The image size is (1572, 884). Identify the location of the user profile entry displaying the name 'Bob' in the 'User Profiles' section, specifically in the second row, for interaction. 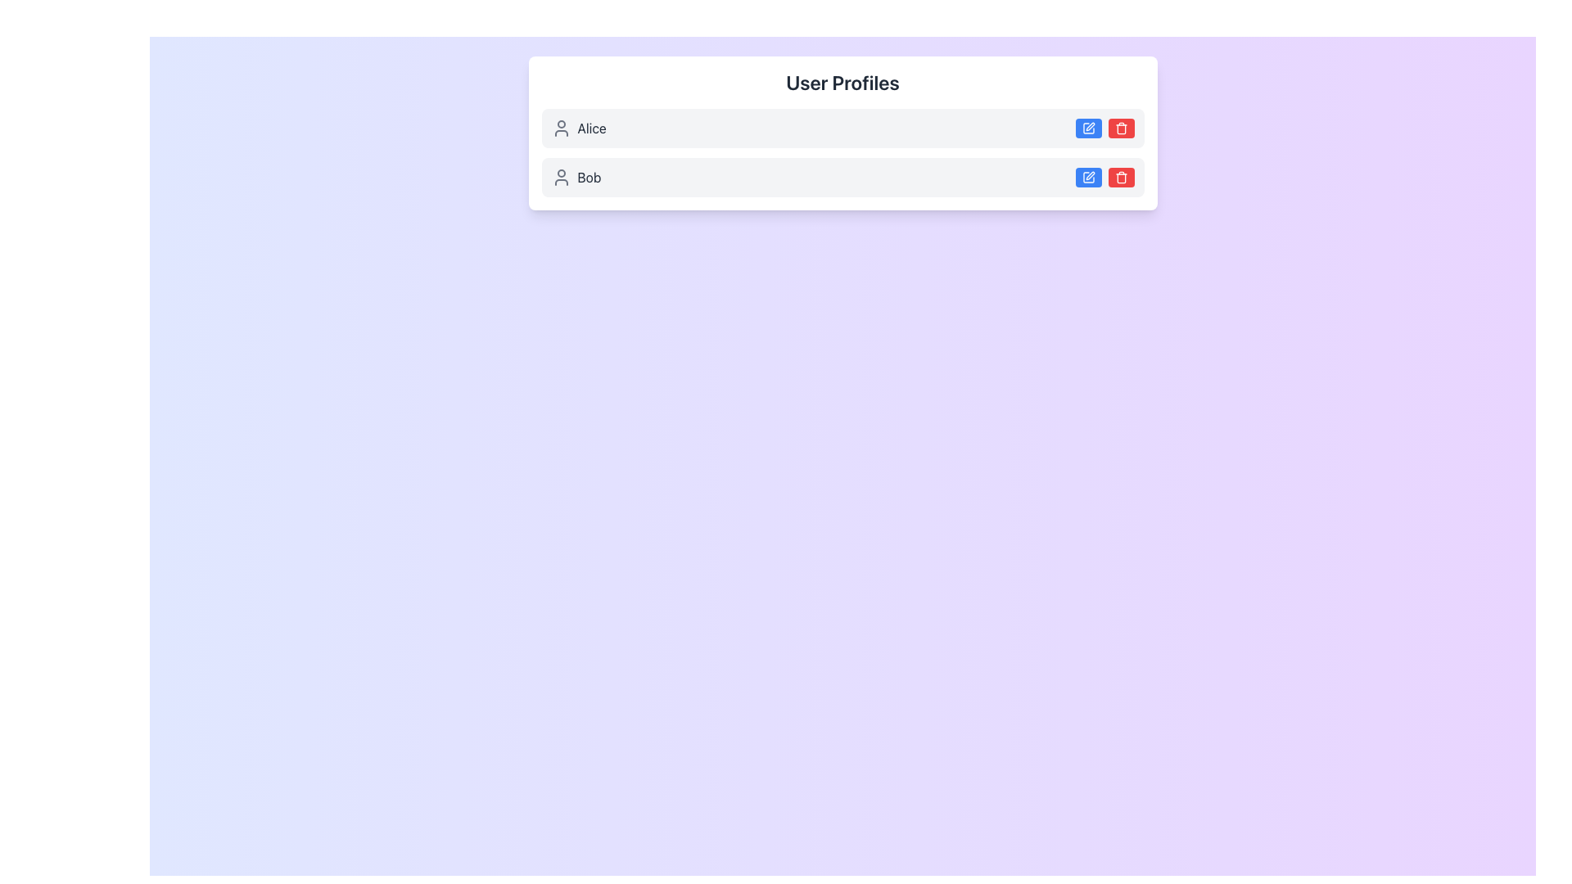
(576, 177).